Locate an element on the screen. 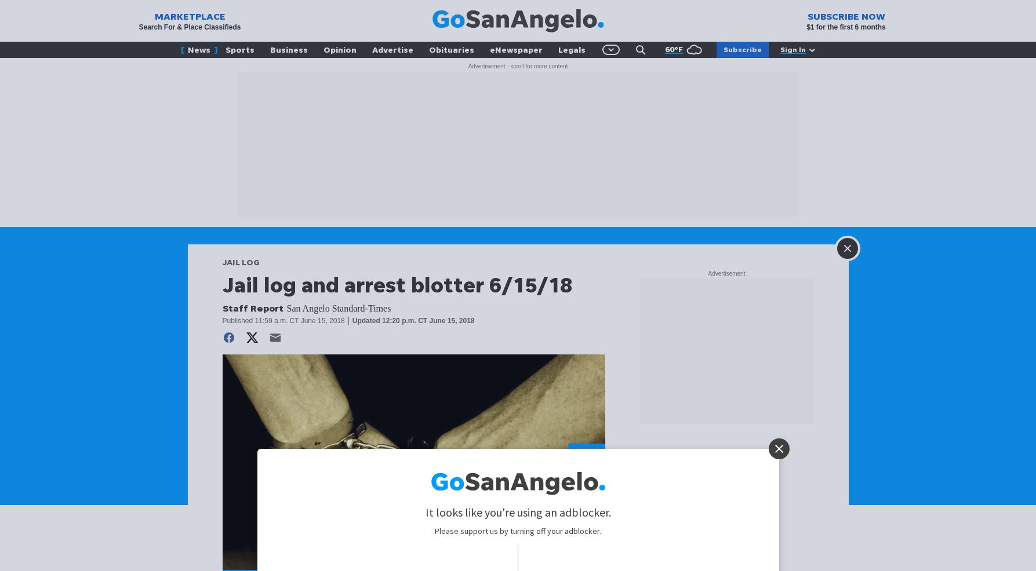  'Obituaries' is located at coordinates (451, 49).